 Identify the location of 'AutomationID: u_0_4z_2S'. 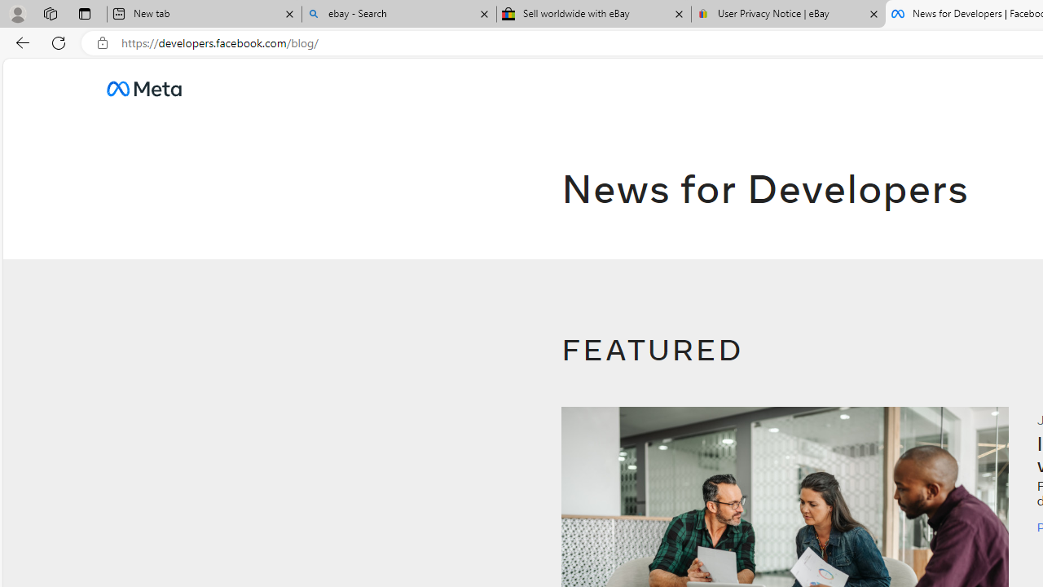
(143, 88).